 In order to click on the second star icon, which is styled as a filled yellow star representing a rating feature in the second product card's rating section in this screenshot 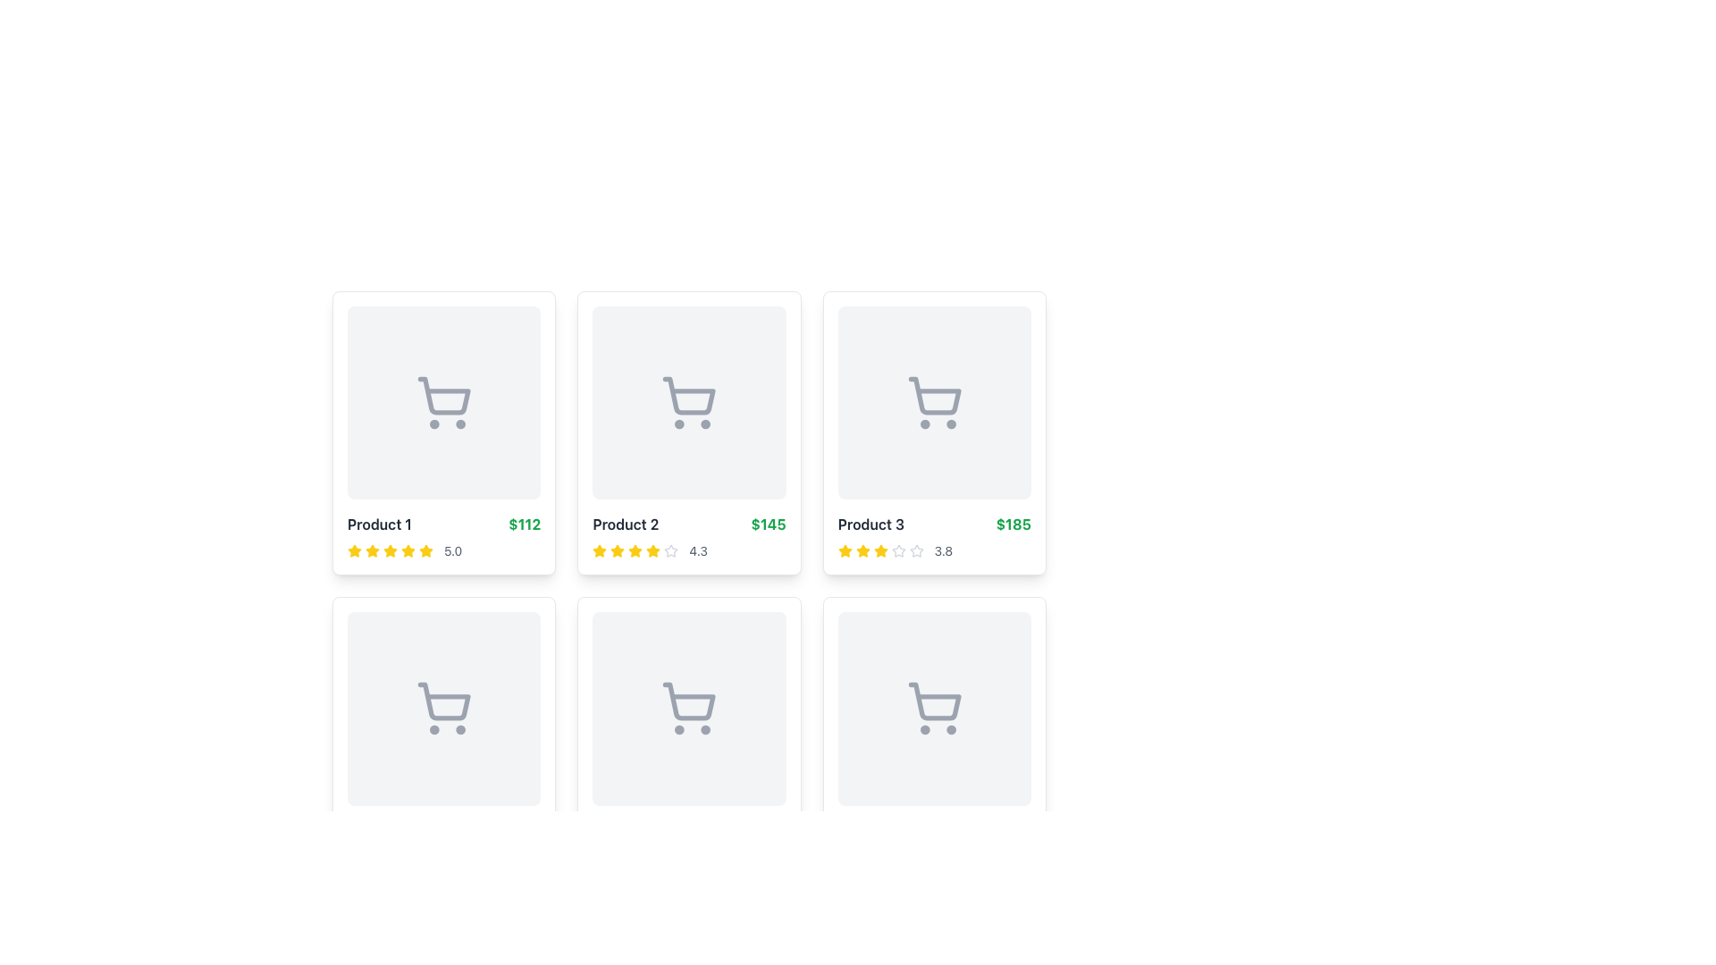, I will do `click(600, 550)`.